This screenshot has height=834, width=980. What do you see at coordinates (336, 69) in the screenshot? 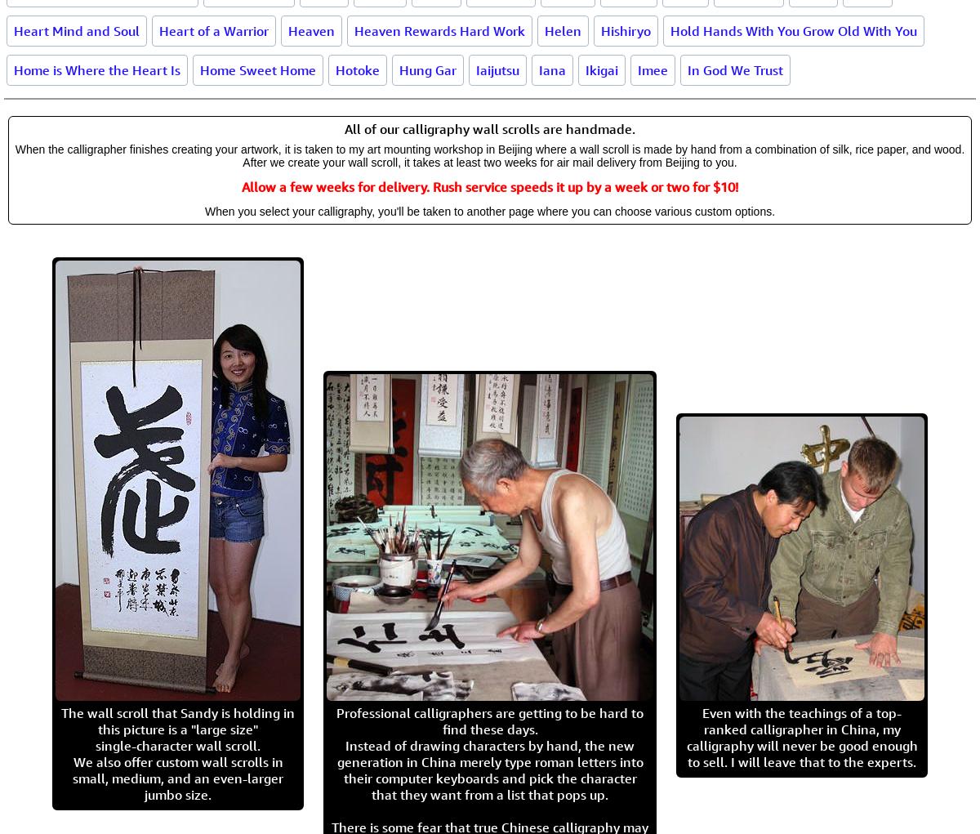
I see `'Hotoke'` at bounding box center [336, 69].